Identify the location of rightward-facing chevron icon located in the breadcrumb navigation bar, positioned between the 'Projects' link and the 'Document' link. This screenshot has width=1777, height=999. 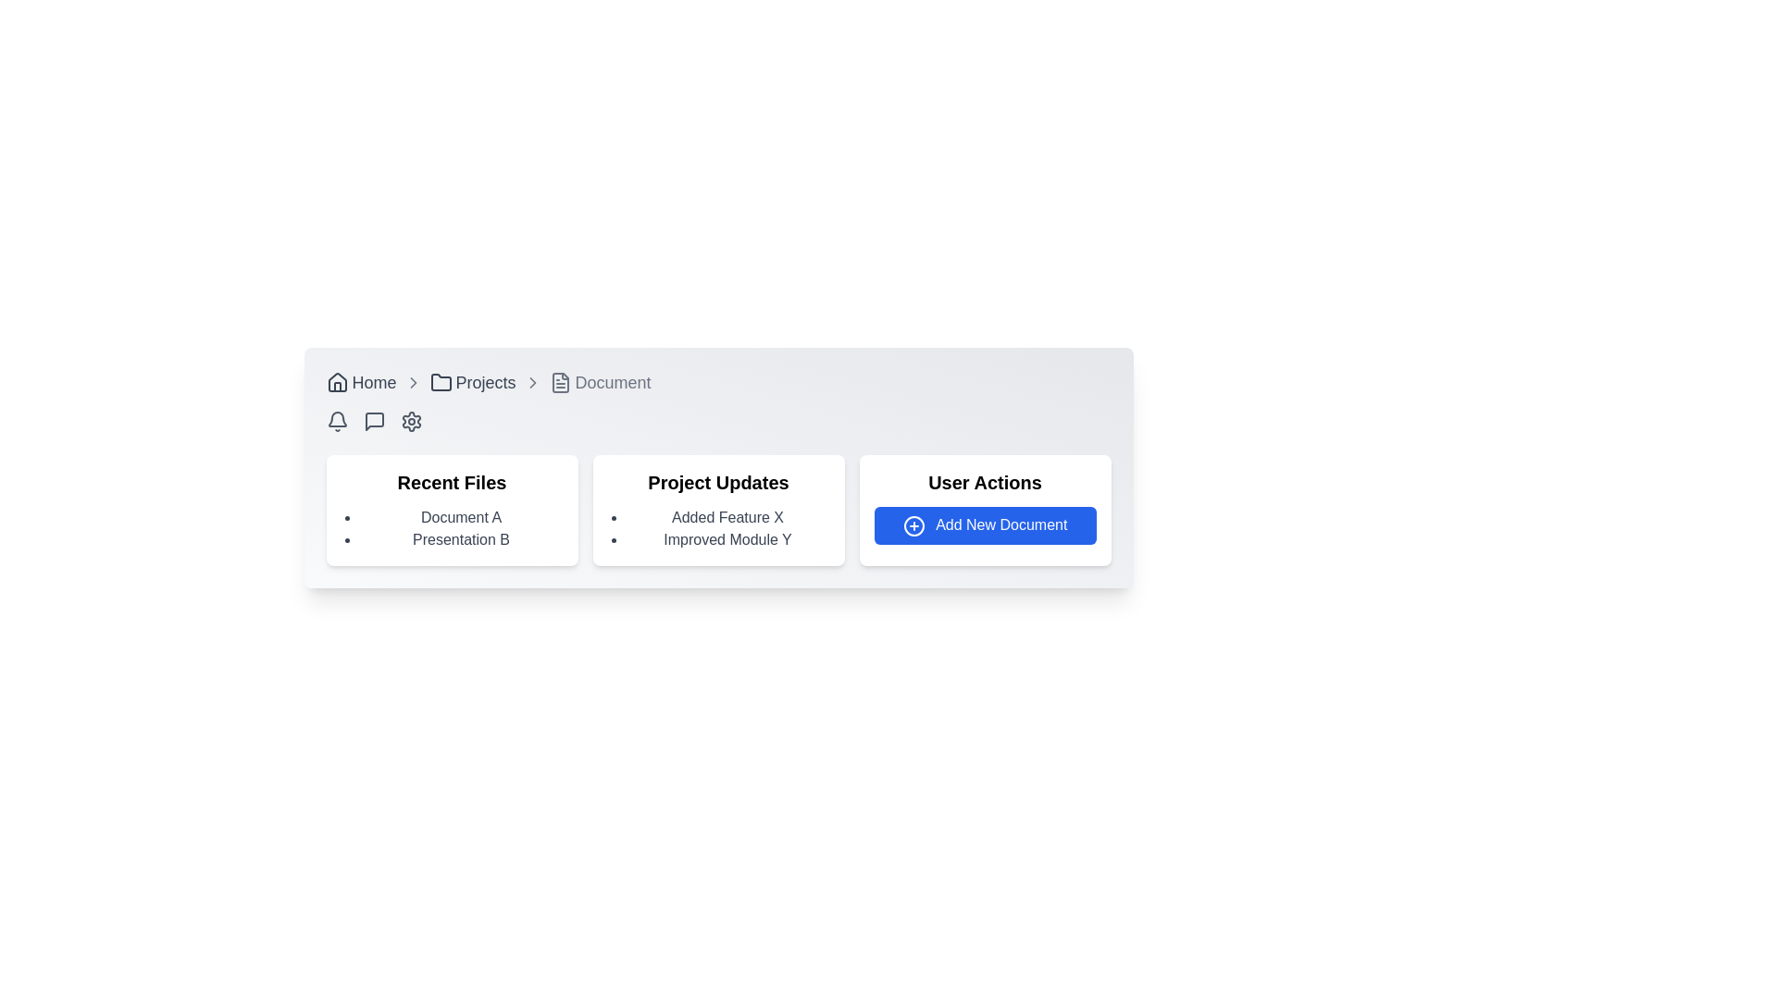
(531, 381).